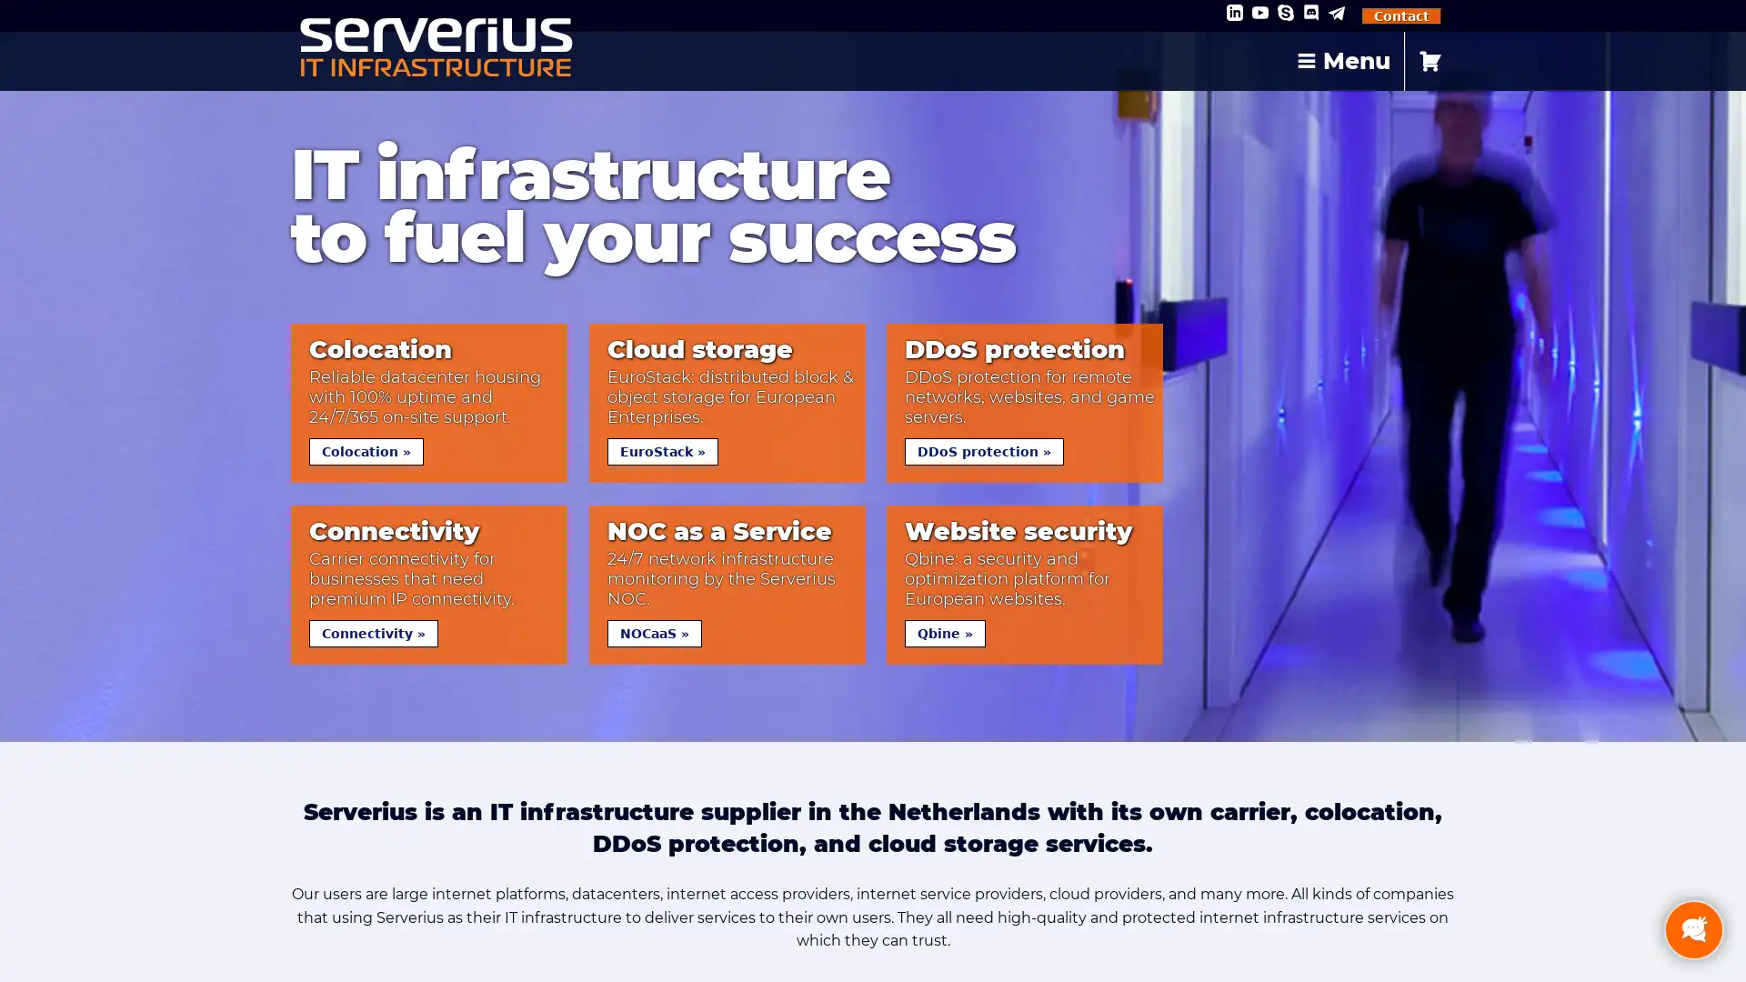  I want to click on EuroStack, so click(661, 450).